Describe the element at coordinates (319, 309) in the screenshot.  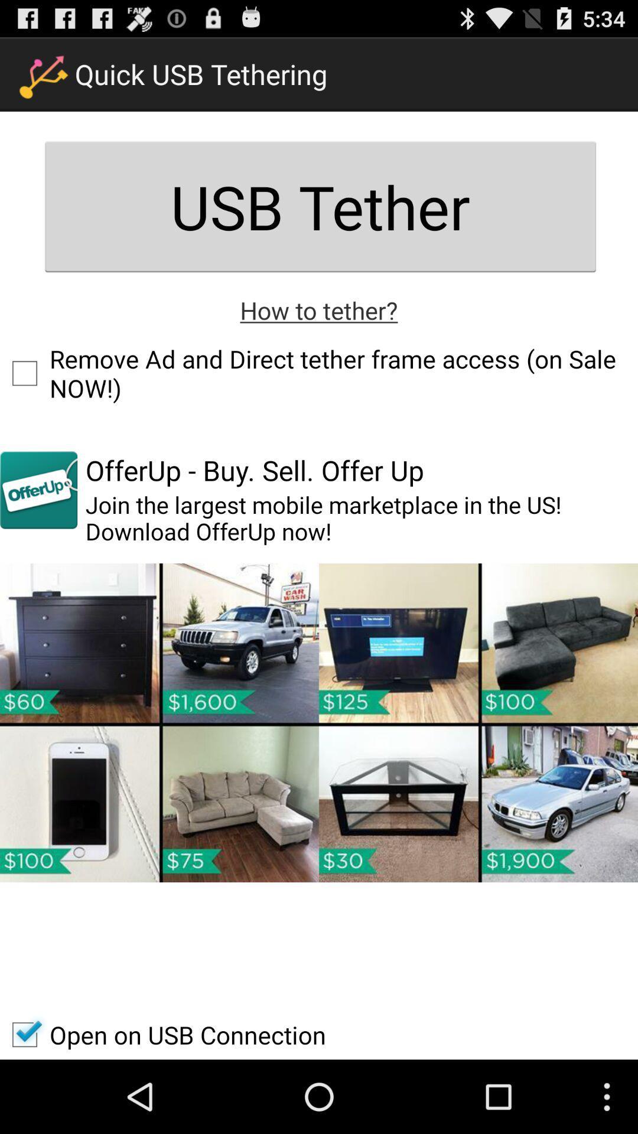
I see `the how to tether?` at that location.